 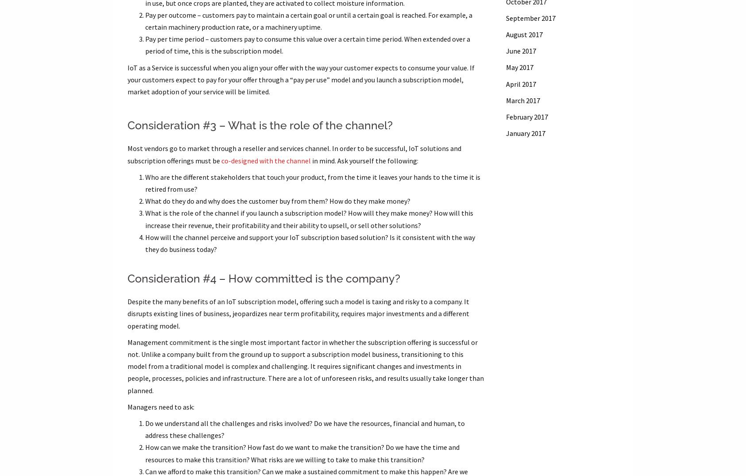 What do you see at coordinates (309, 243) in the screenshot?
I see `'How will the channel perceive and support your IoT subscription based solution? Is it consistent with the way they do business today?'` at bounding box center [309, 243].